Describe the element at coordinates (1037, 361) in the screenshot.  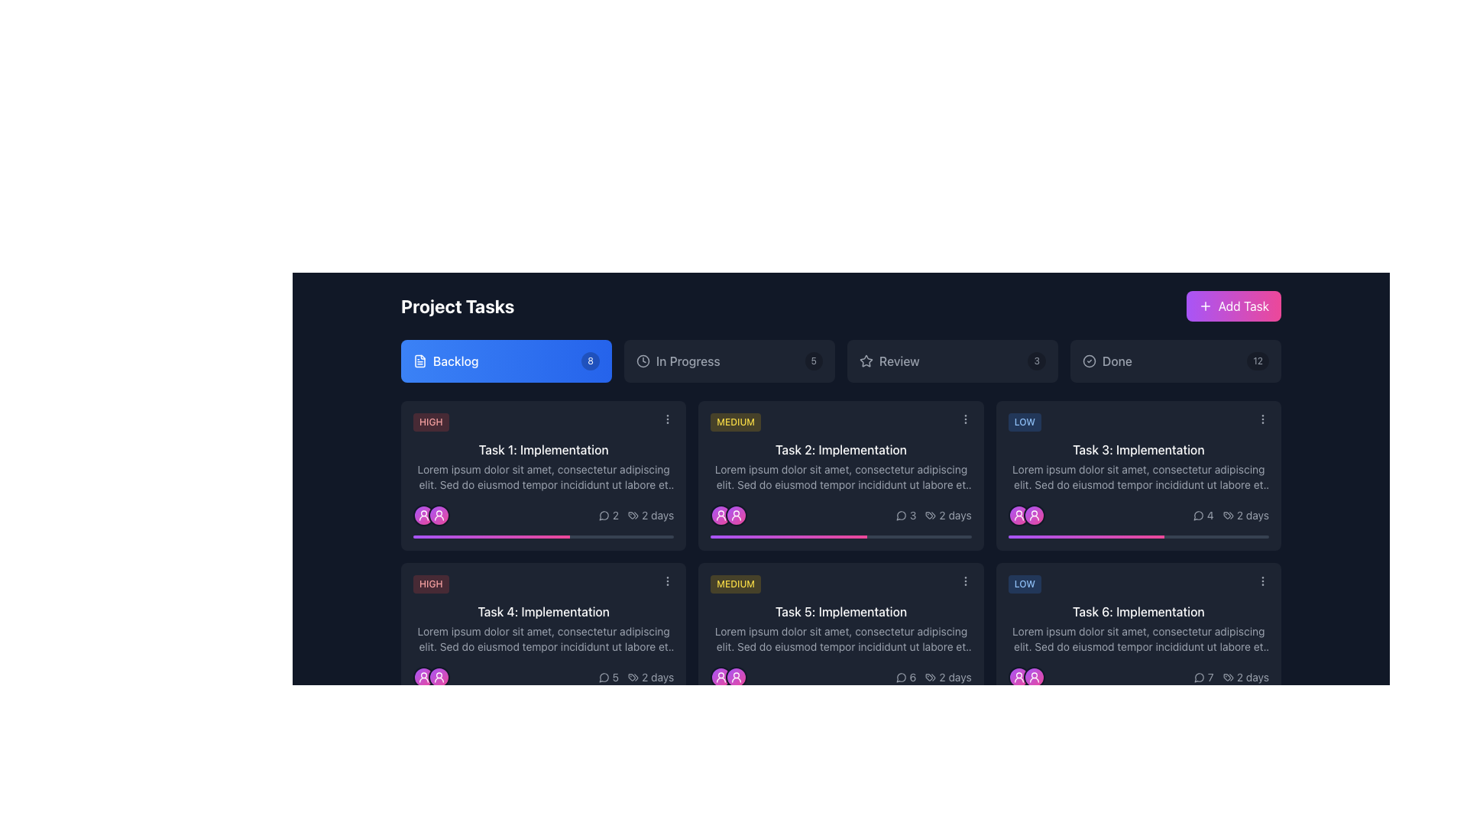
I see `the informational badge that represents a count or quantity associated with 'Review', located on the right side within the 'Project Tasks' interface` at that location.